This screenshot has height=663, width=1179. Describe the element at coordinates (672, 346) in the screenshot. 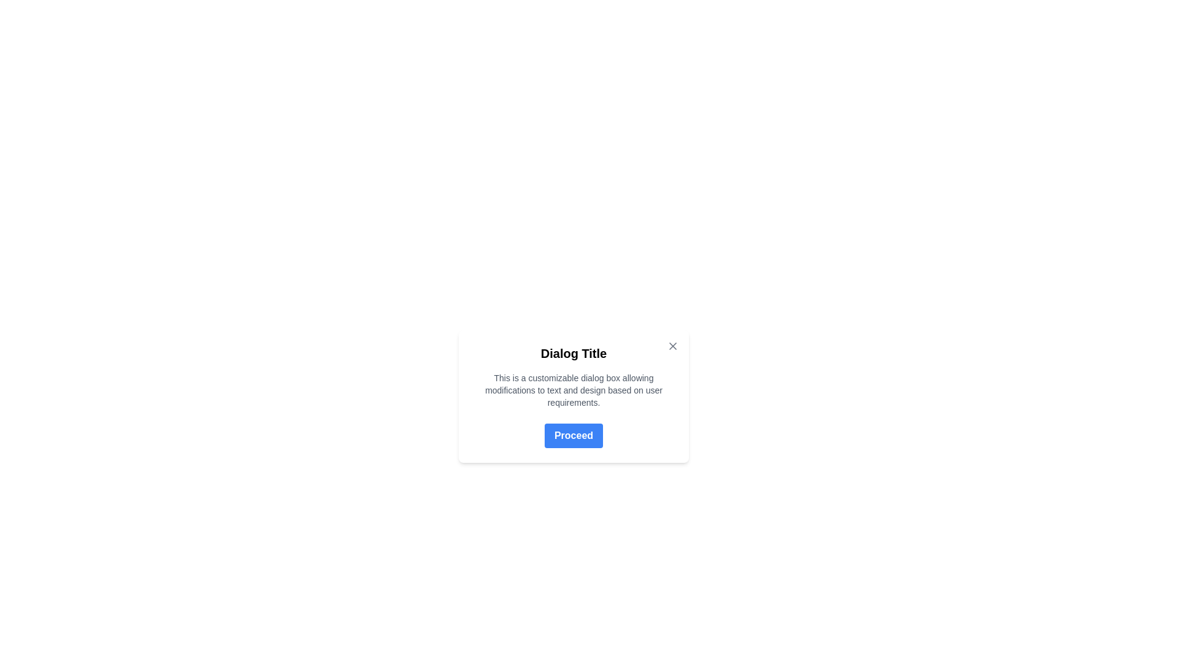

I see `the diagonal line forming part of the 'X' icon in the top-right corner of the dialog box, which is used for dismissal actions` at that location.